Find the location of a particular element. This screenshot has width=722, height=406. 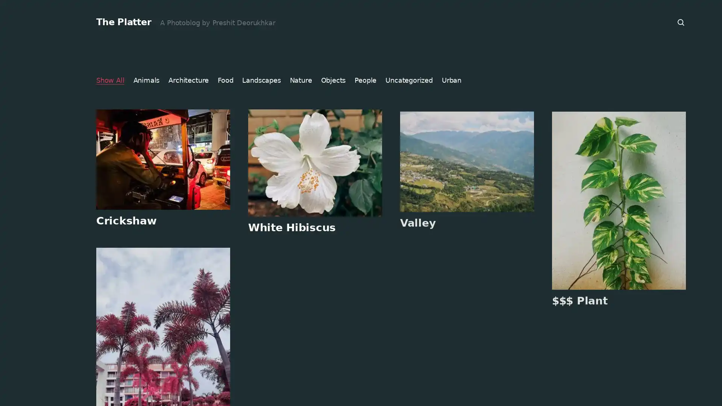

Search is located at coordinates (681, 22).